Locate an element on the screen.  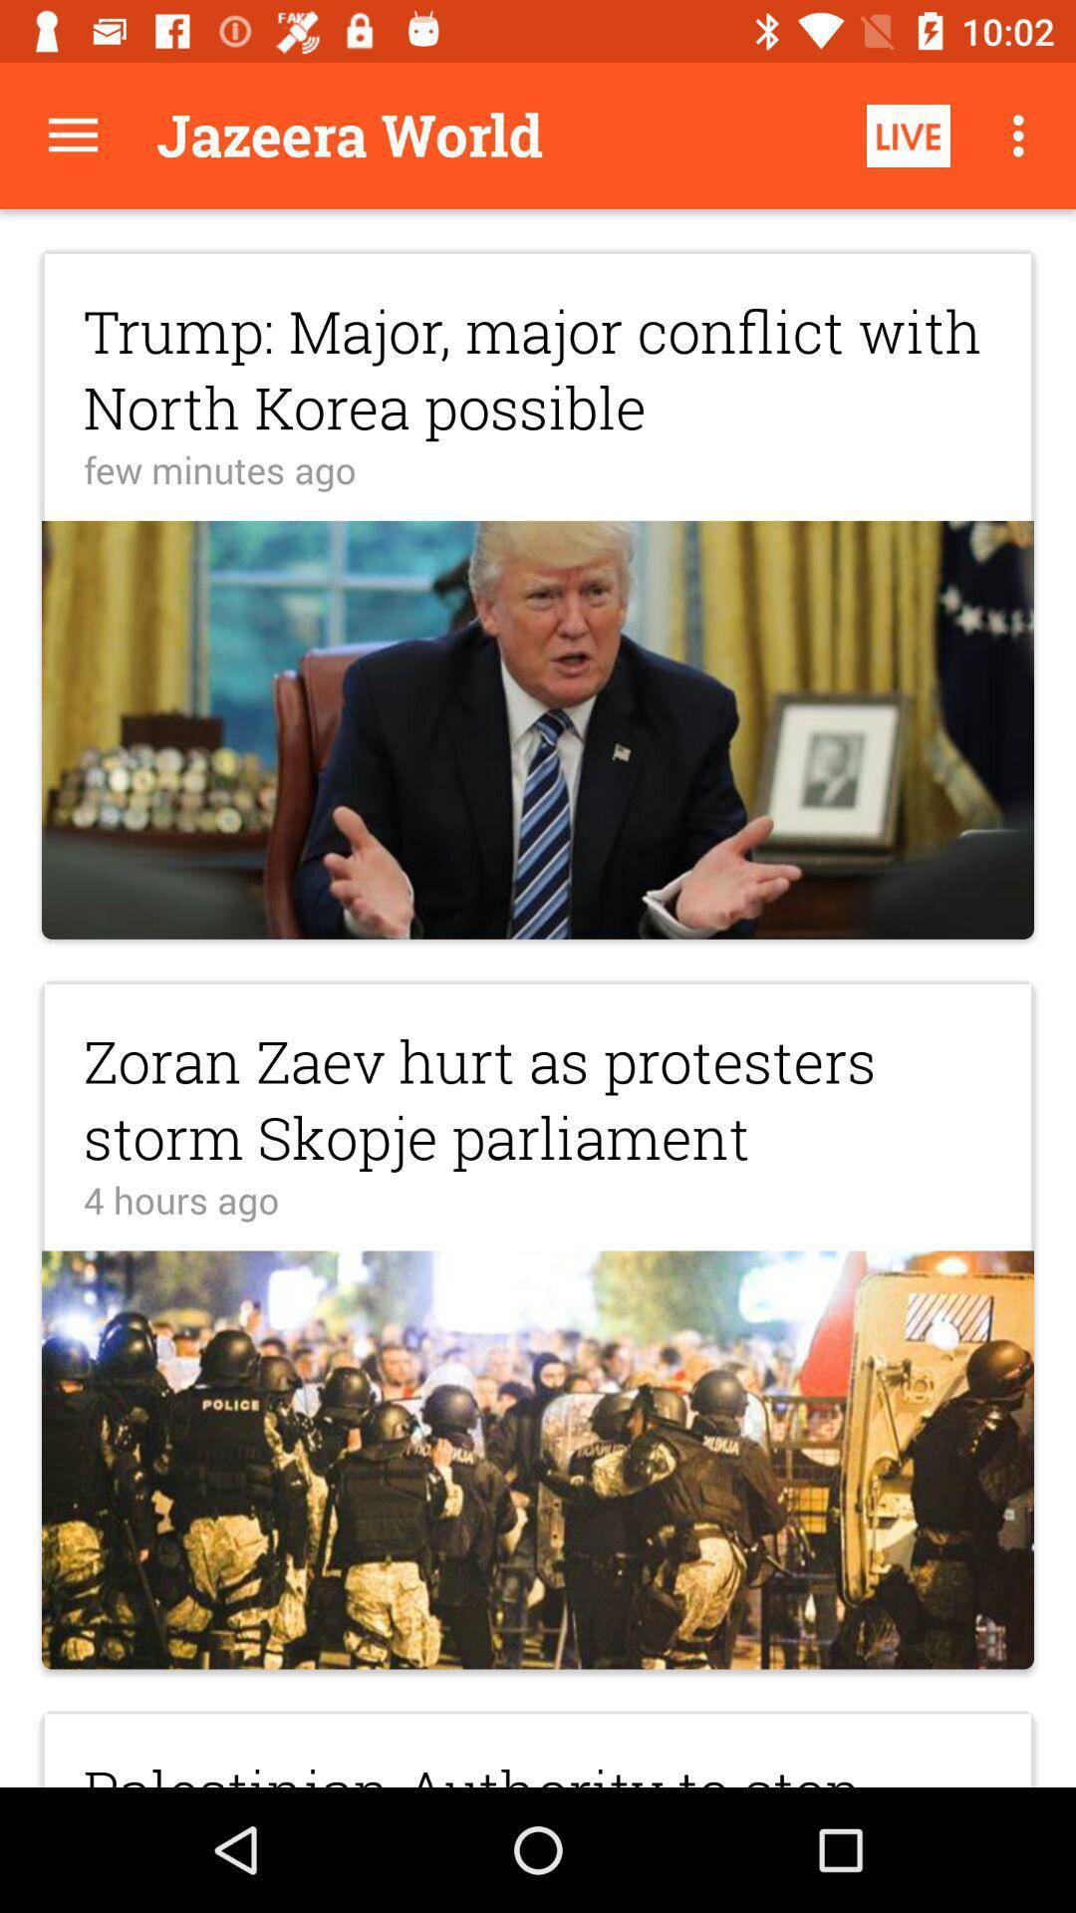
tap the menu button for more options is located at coordinates (72, 135).